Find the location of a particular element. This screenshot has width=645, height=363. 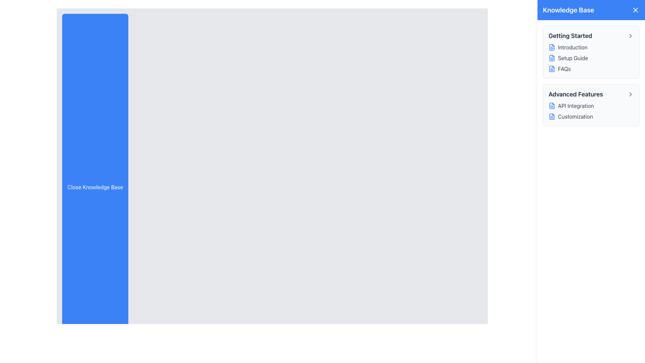

the 'Getting Started' button which features bold text and a right-facing arrow icon, located at the top section of the information card is located at coordinates (591, 36).